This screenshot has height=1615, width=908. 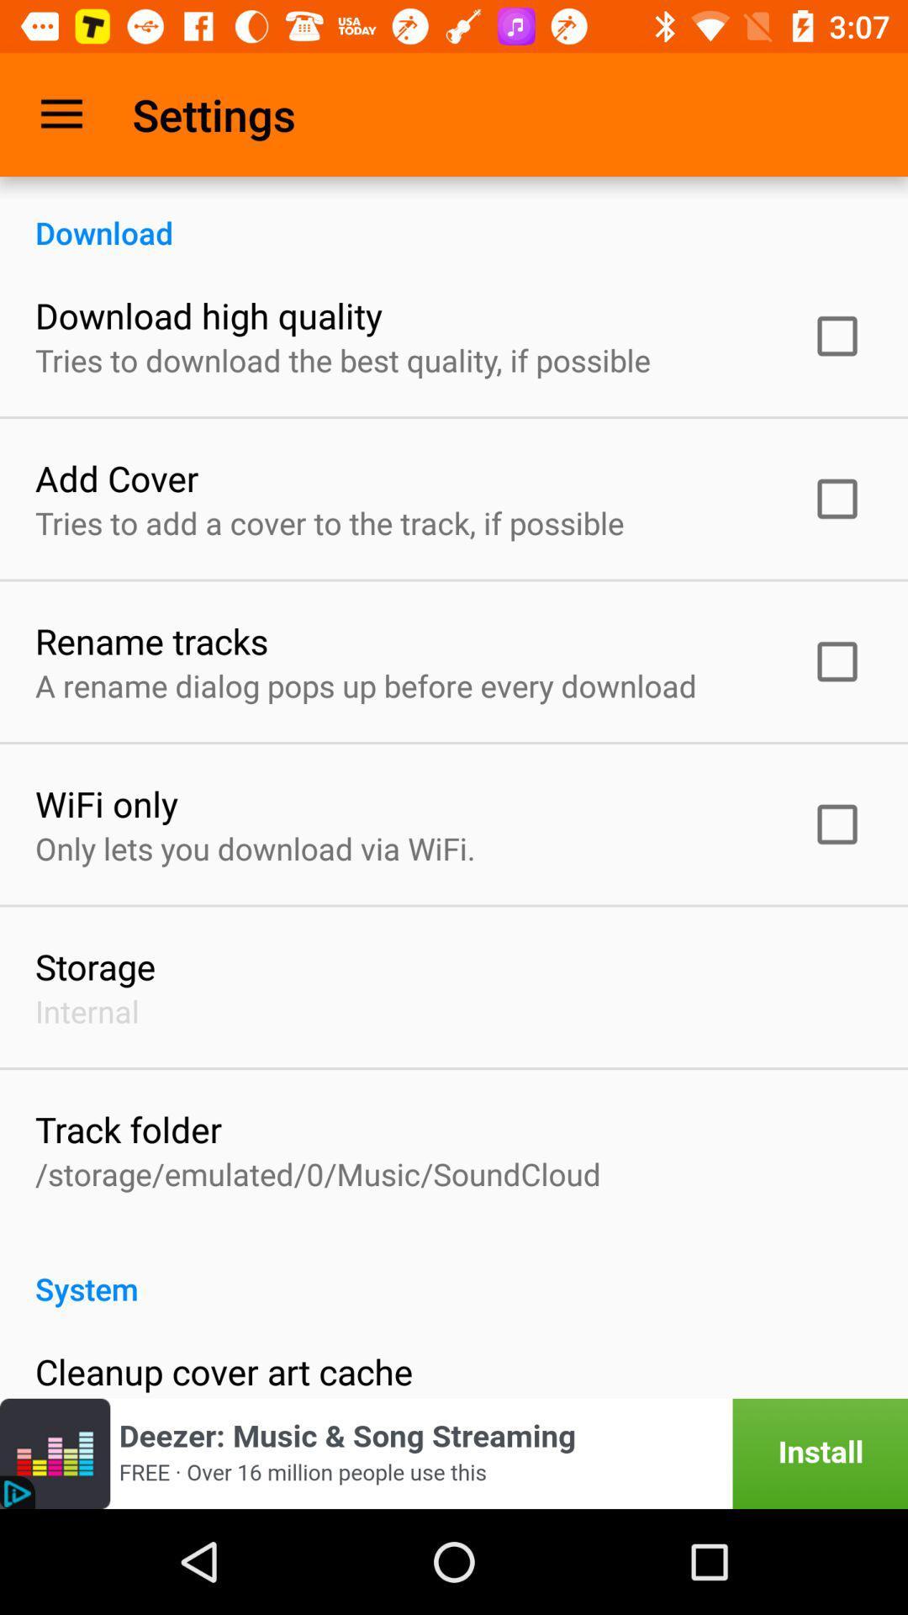 I want to click on the system, so click(x=454, y=1271).